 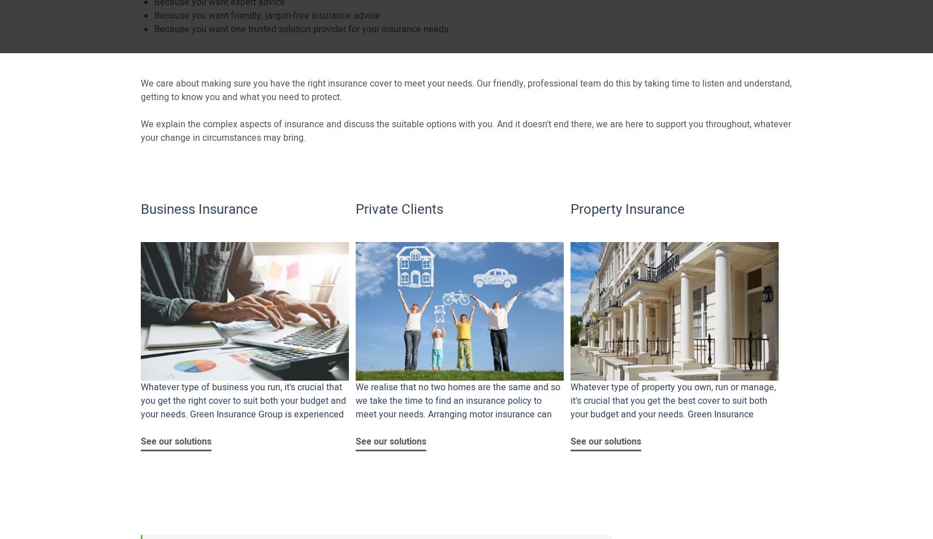 What do you see at coordinates (154, 29) in the screenshot?
I see `'Because you want one trusted solution provider for your insurance needs'` at bounding box center [154, 29].